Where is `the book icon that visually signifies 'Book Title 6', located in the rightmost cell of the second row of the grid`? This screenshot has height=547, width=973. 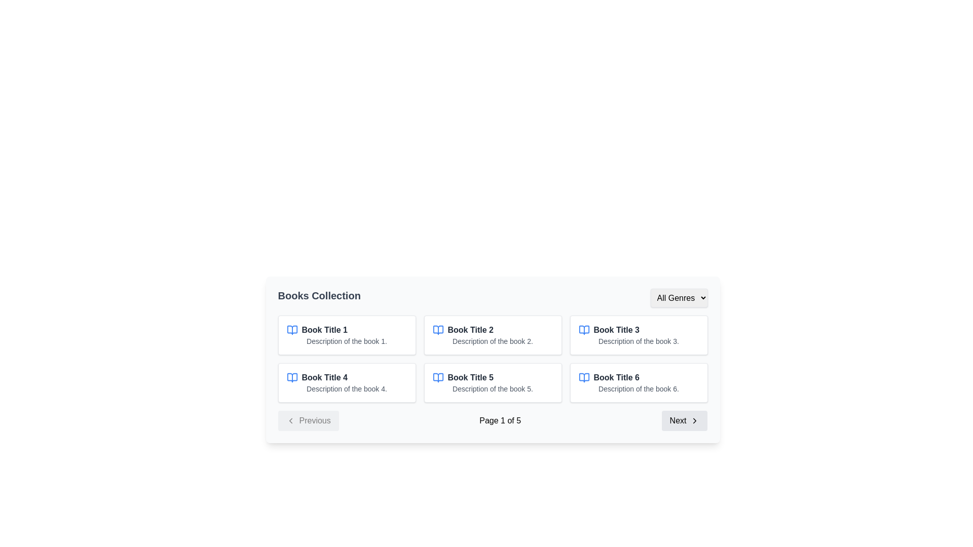 the book icon that visually signifies 'Book Title 6', located in the rightmost cell of the second row of the grid is located at coordinates (584, 377).